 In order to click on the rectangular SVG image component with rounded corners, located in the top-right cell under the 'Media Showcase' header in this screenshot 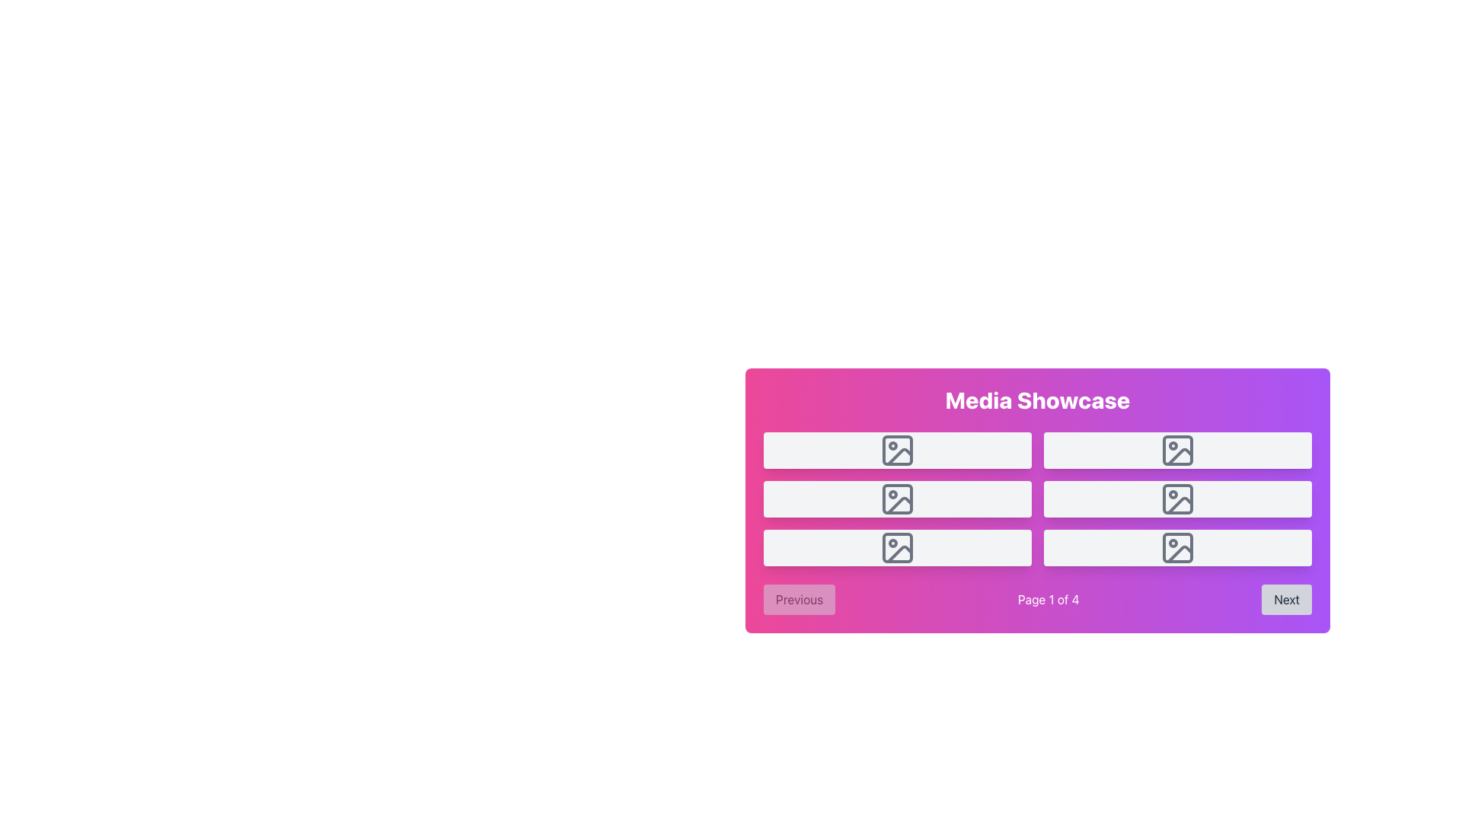, I will do `click(1176, 449)`.